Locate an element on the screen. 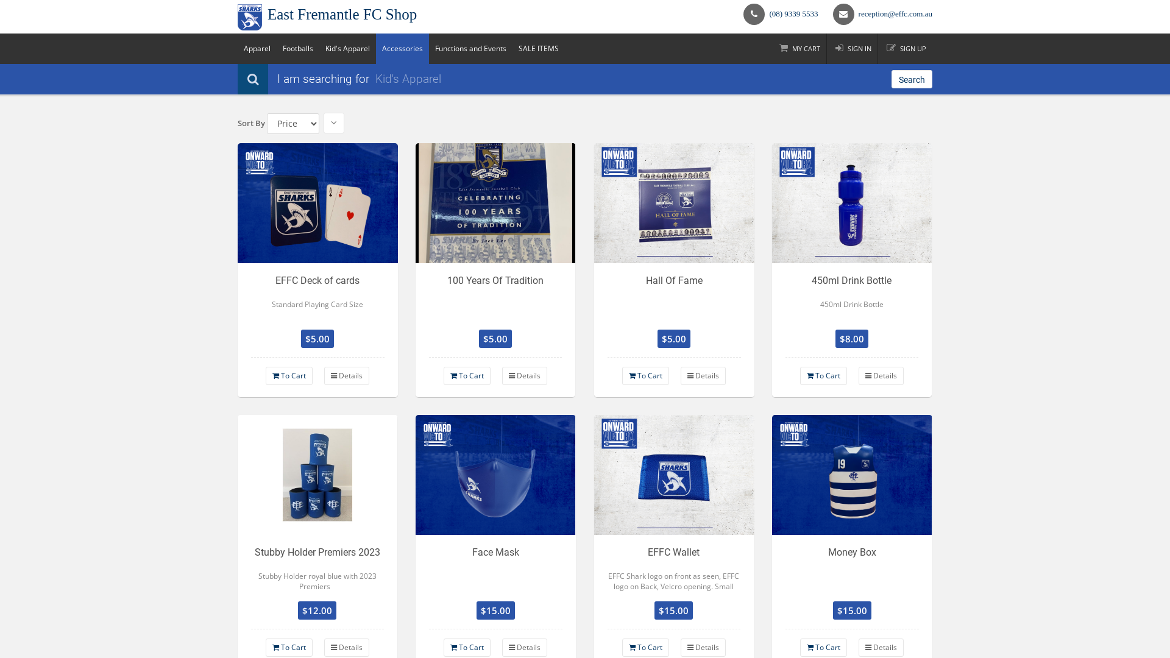 The image size is (1170, 658). 'MY CART' is located at coordinates (799, 48).